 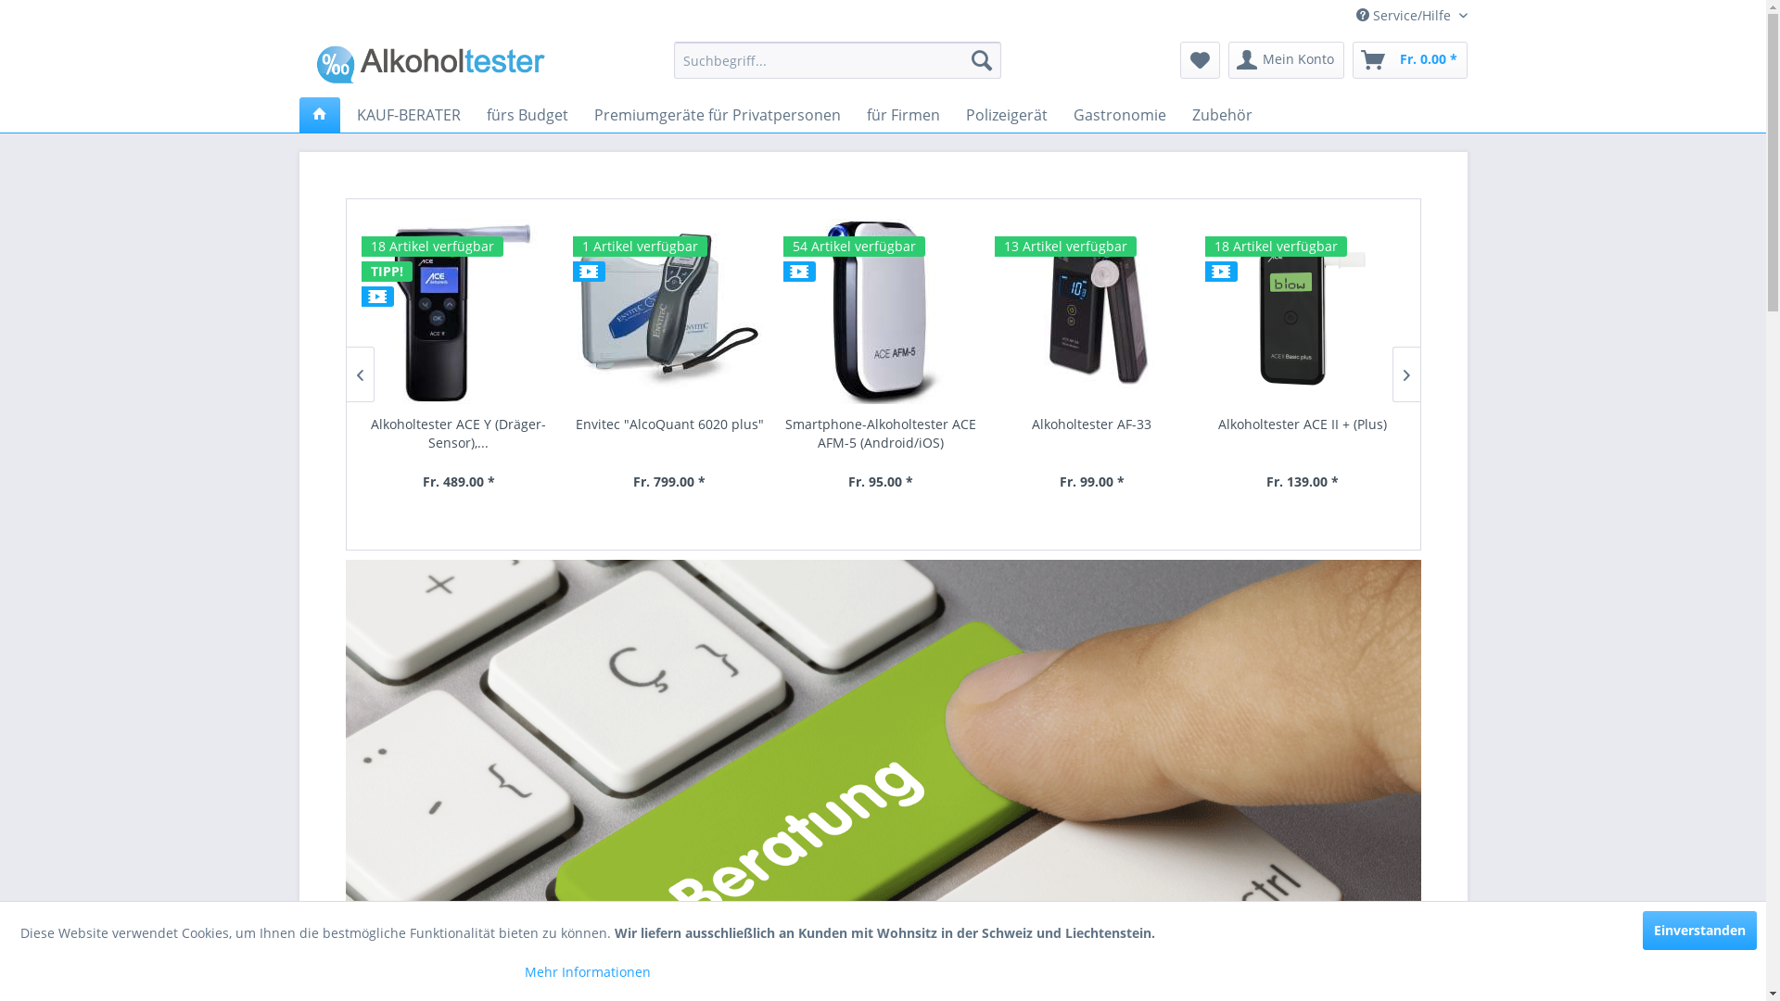 I want to click on 'Gastronomie', so click(x=1060, y=114).